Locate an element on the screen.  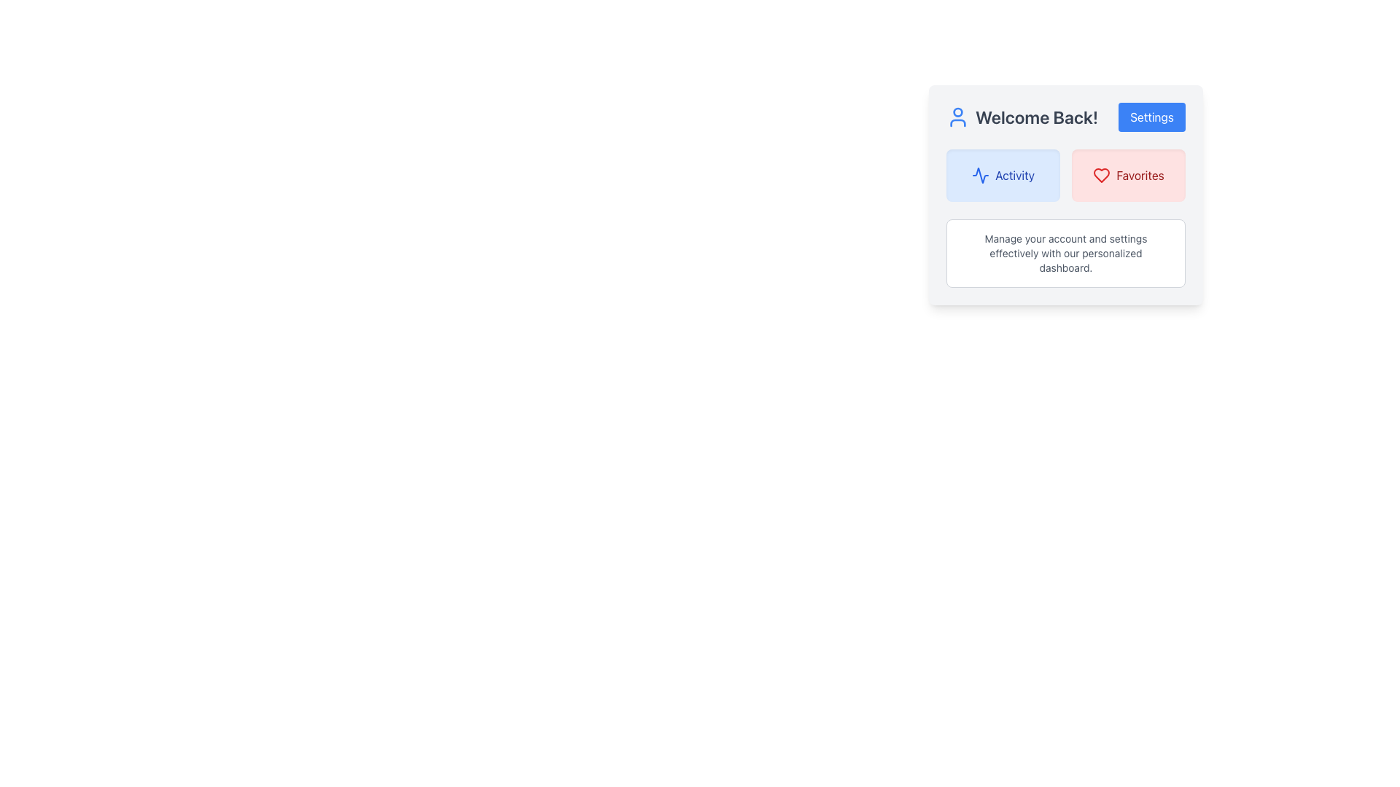
the user silhouette icon, which is styled in blue and positioned to the left of the 'Welcome Back!' text is located at coordinates (958, 117).